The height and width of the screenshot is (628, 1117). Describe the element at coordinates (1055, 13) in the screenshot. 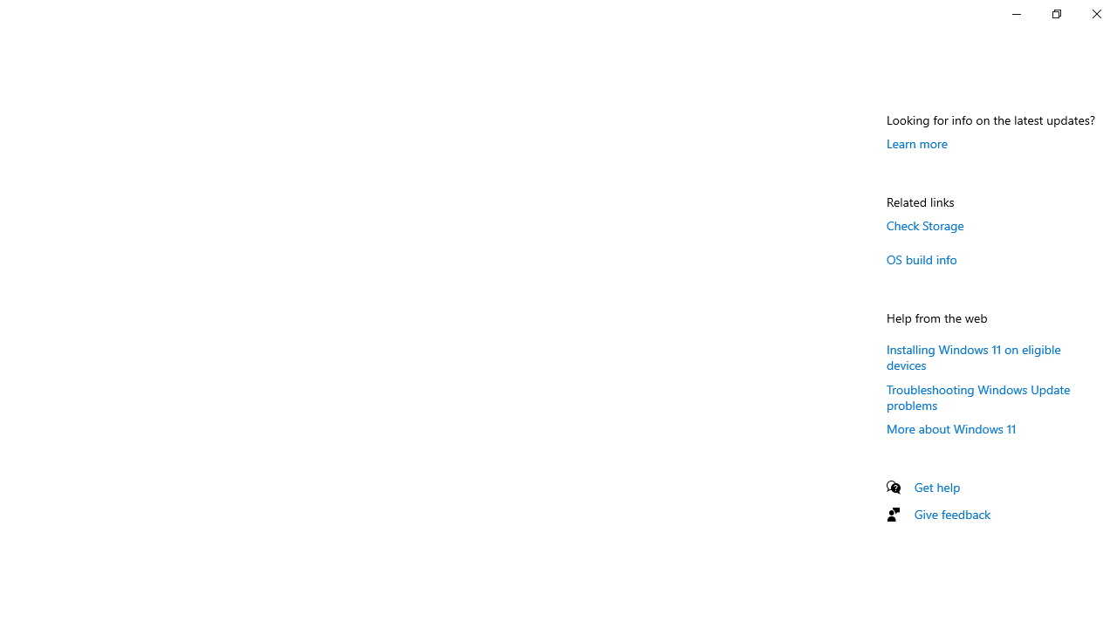

I see `'Restore Settings'` at that location.